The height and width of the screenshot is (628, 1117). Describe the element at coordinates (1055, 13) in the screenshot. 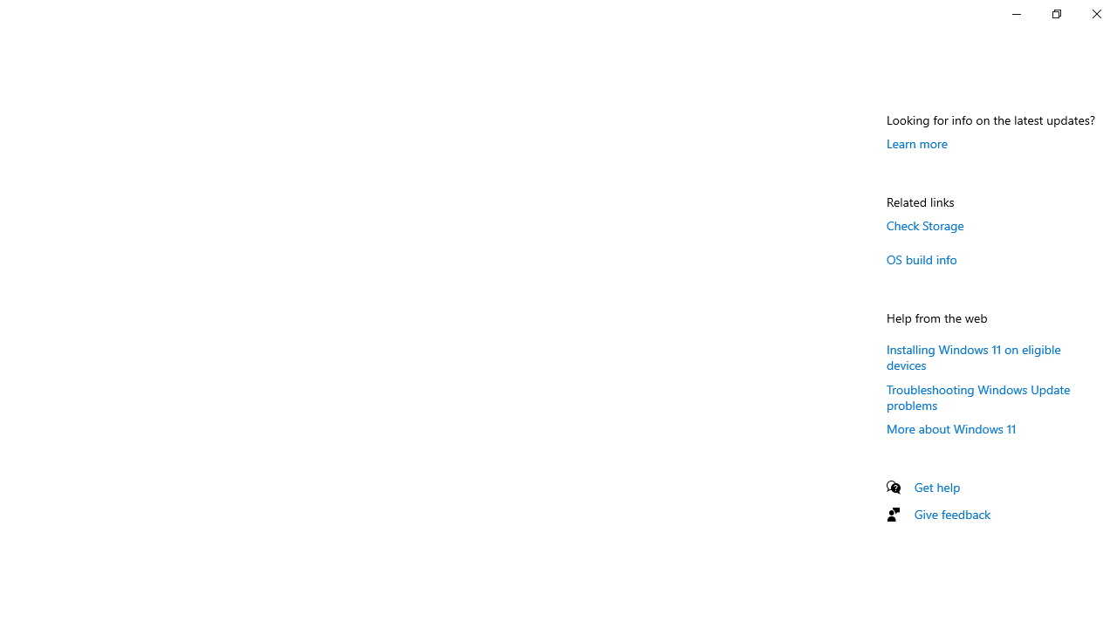

I see `'Restore Settings'` at that location.